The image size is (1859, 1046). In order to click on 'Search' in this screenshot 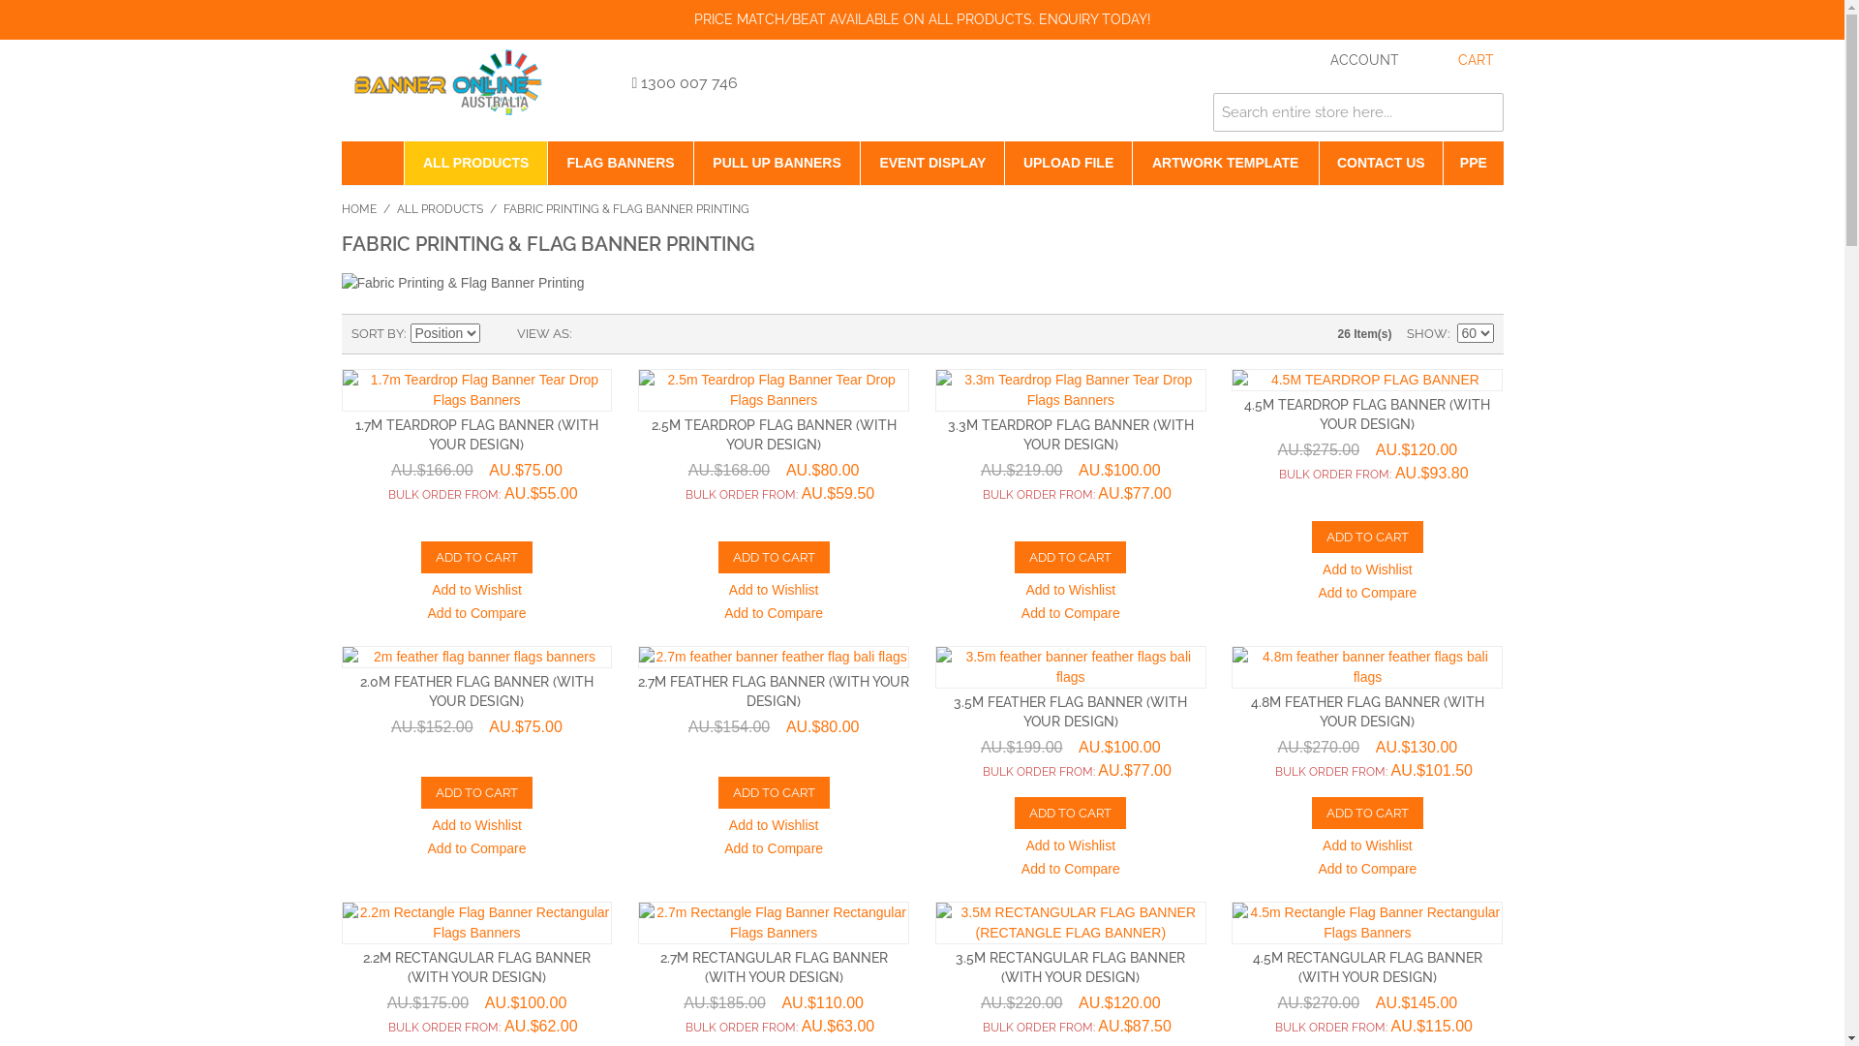, I will do `click(1481, 111)`.